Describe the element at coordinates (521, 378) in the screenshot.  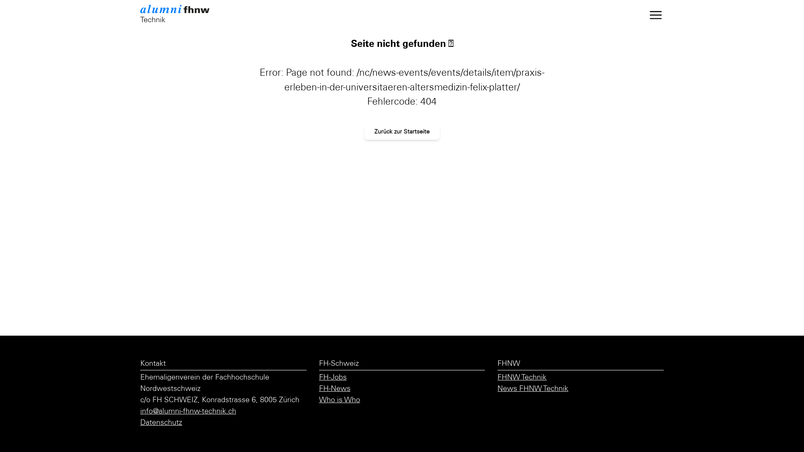
I see `'FHNW Technik'` at that location.